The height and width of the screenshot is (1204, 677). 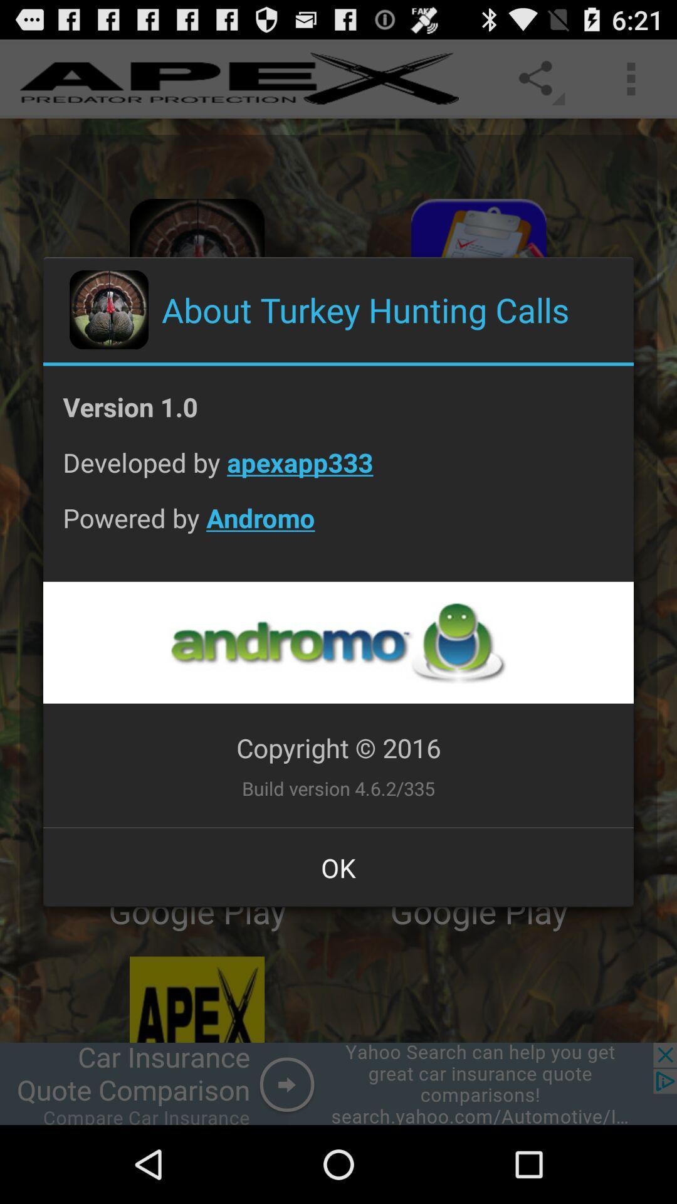 What do you see at coordinates (338, 472) in the screenshot?
I see `the icon below the version 1.0 app` at bounding box center [338, 472].